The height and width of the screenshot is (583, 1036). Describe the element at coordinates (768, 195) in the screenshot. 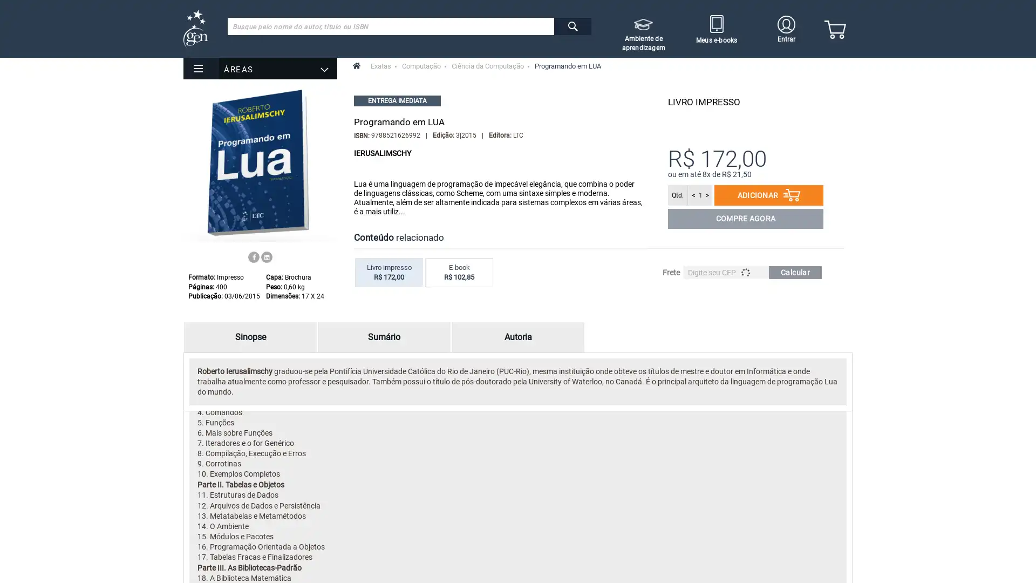

I see `ADICIONAR` at that location.